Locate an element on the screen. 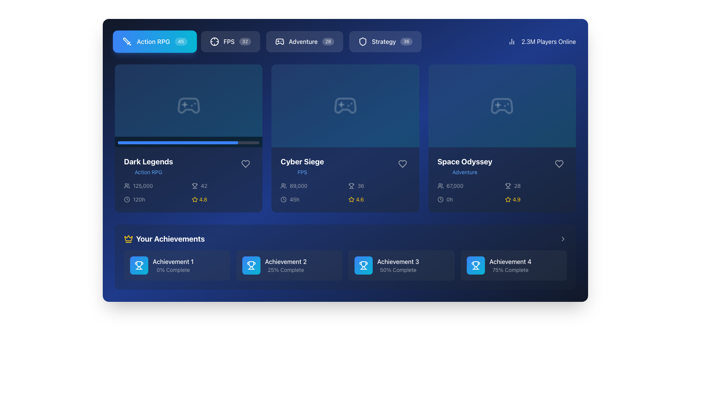 This screenshot has width=728, height=409. the trophy-shaped icon representing 'Achievement 4' is located at coordinates (475, 265).